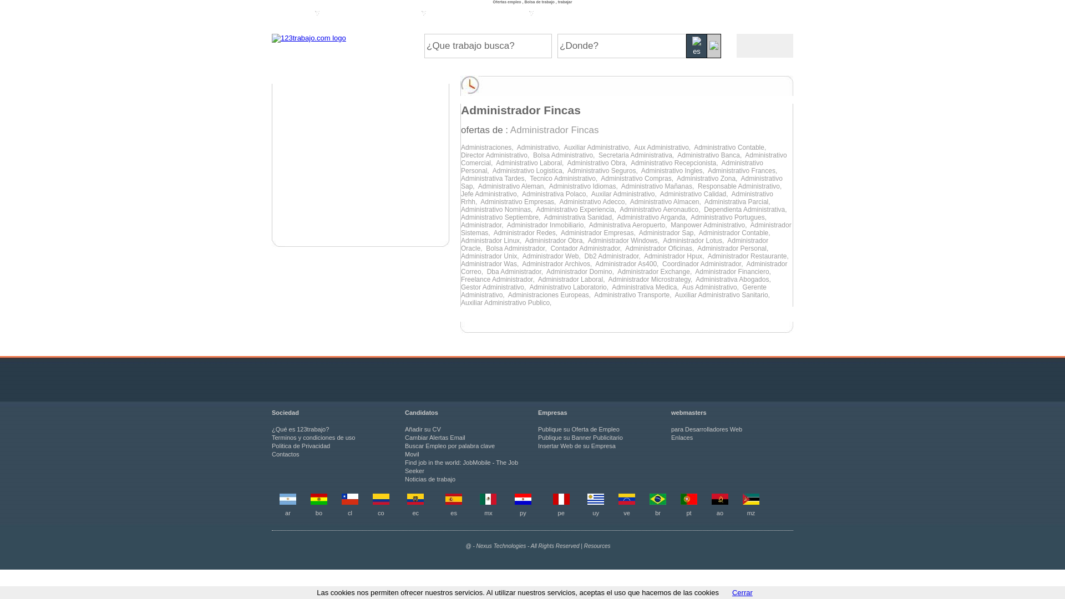 The height and width of the screenshot is (599, 1065). Describe the element at coordinates (596, 545) in the screenshot. I see `'Resources'` at that location.